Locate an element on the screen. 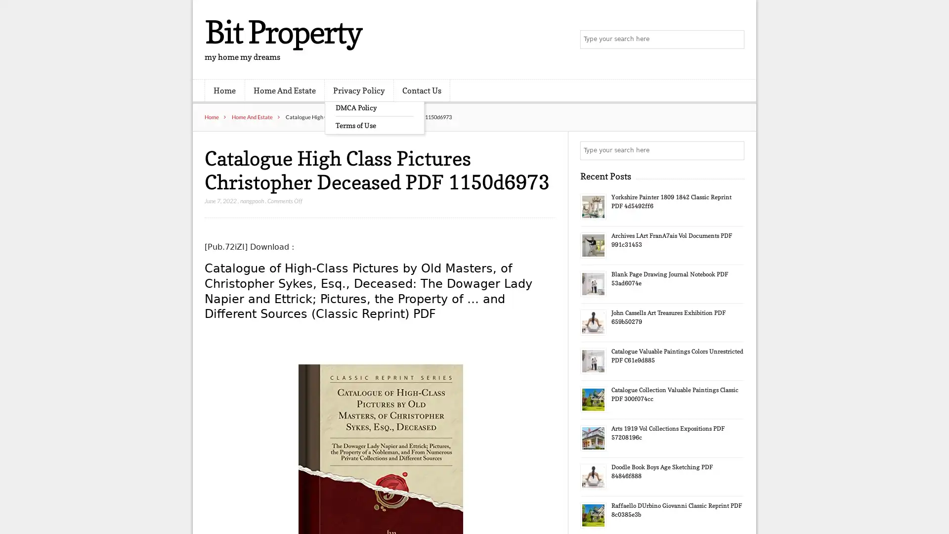  Search is located at coordinates (734, 150).